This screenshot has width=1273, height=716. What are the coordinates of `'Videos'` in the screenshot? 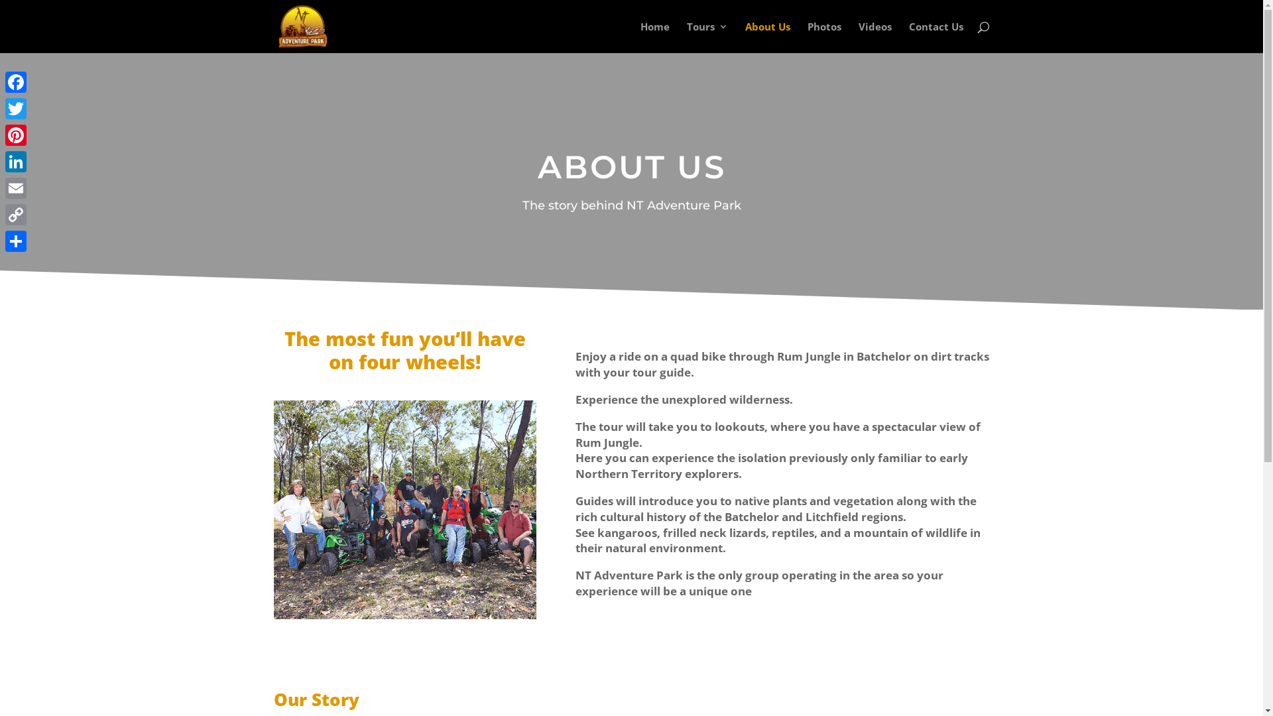 It's located at (858, 36).